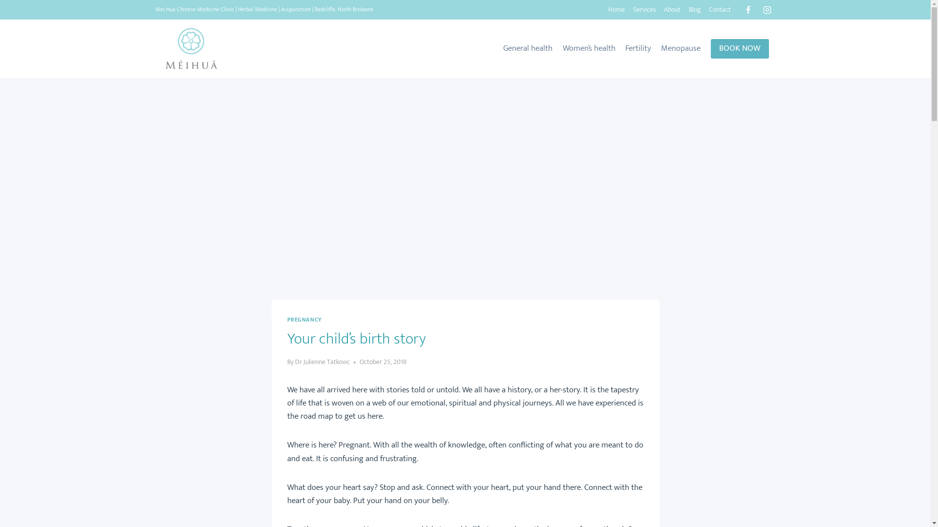 The image size is (938, 527). I want to click on 'BOOK NOW', so click(739, 49).